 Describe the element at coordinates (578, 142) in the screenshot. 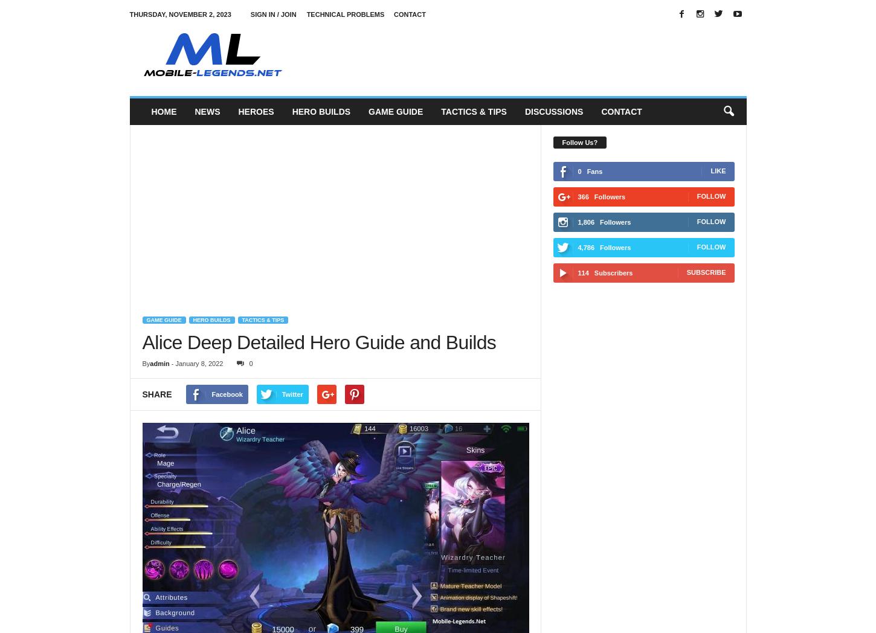

I see `'Follow Us?'` at that location.